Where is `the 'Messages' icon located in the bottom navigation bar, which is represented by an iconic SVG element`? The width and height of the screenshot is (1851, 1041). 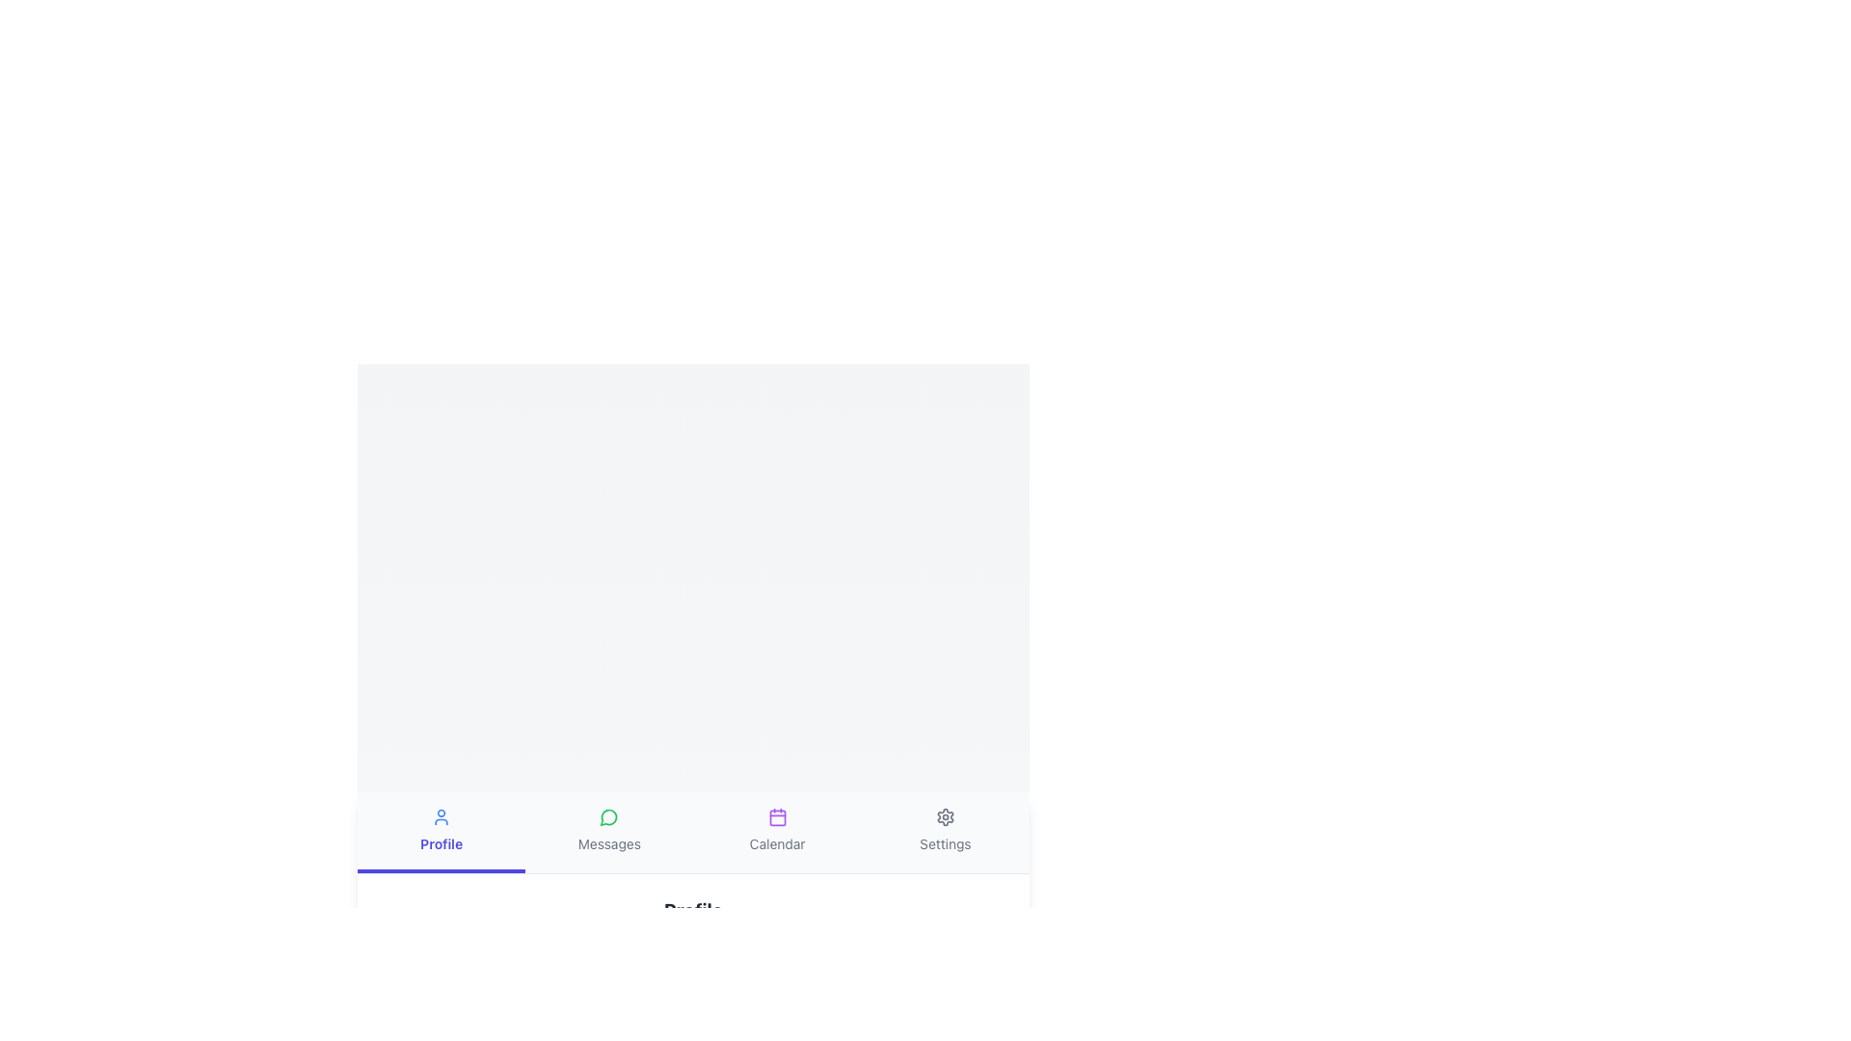 the 'Messages' icon located in the bottom navigation bar, which is represented by an iconic SVG element is located at coordinates (607, 816).